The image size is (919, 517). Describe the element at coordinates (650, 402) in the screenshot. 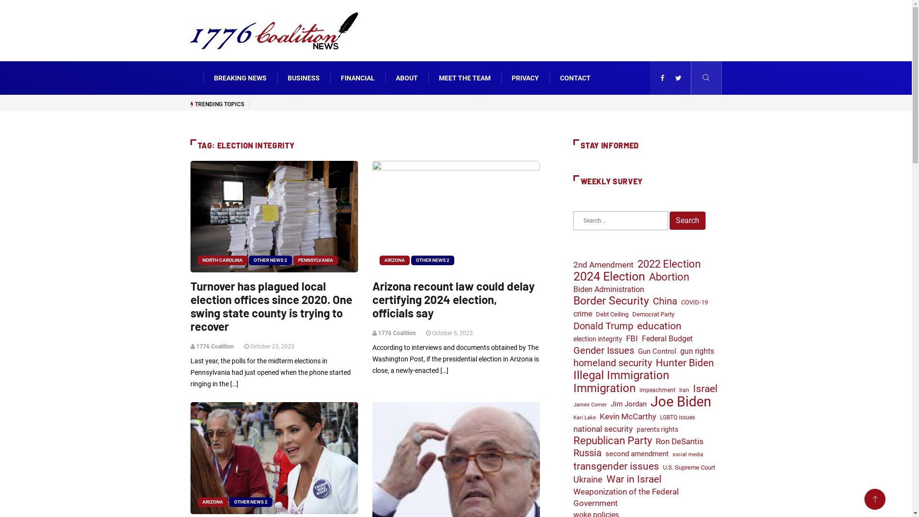

I see `'Joe Biden'` at that location.